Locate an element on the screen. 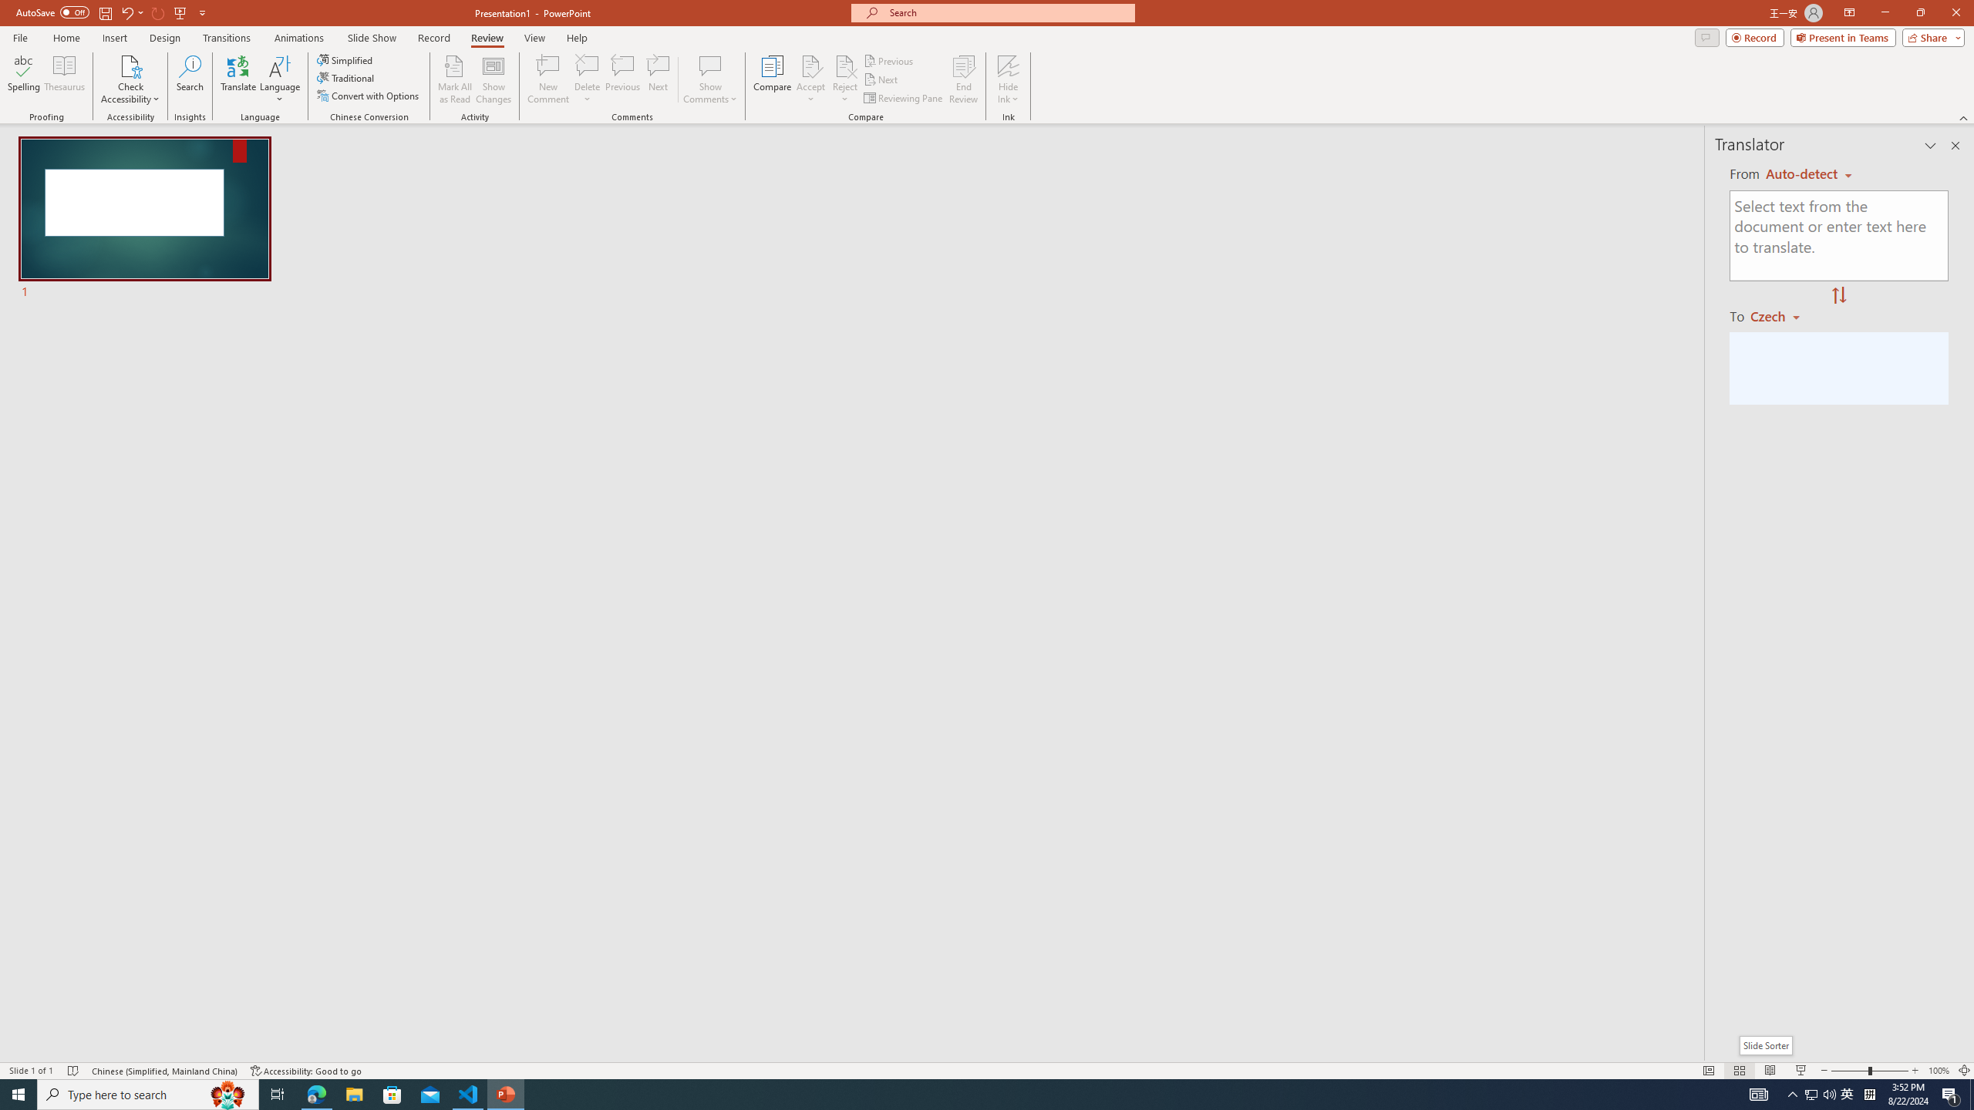 This screenshot has height=1110, width=1974. 'Convert with Options...' is located at coordinates (368, 94).